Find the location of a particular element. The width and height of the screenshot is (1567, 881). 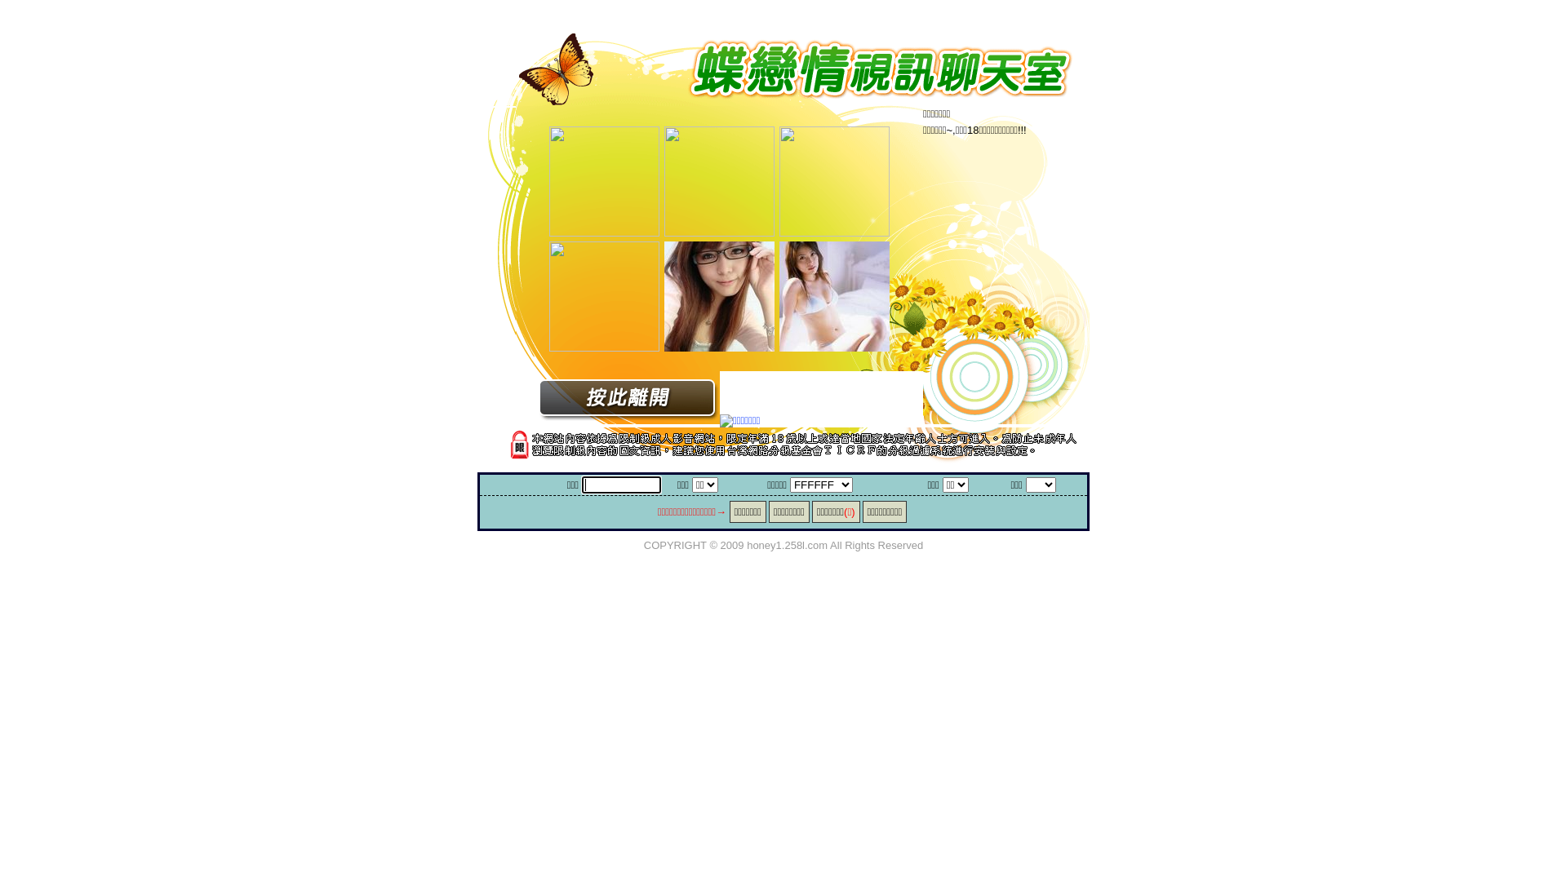

'honey1.258l.com' is located at coordinates (787, 544).